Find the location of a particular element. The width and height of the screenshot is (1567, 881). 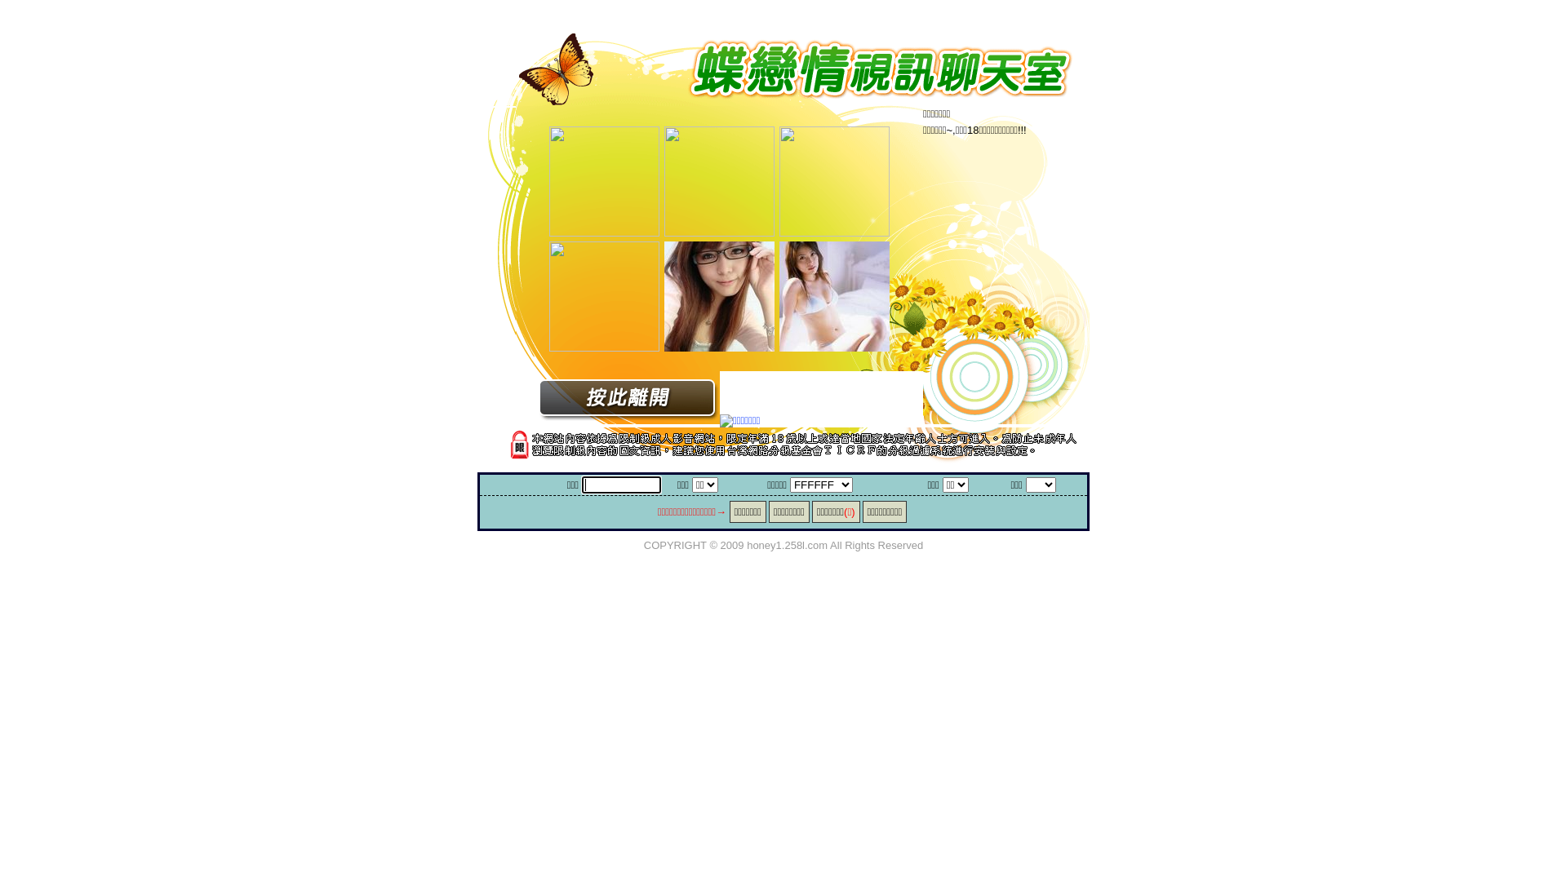

'honey1.258l.com' is located at coordinates (787, 544).